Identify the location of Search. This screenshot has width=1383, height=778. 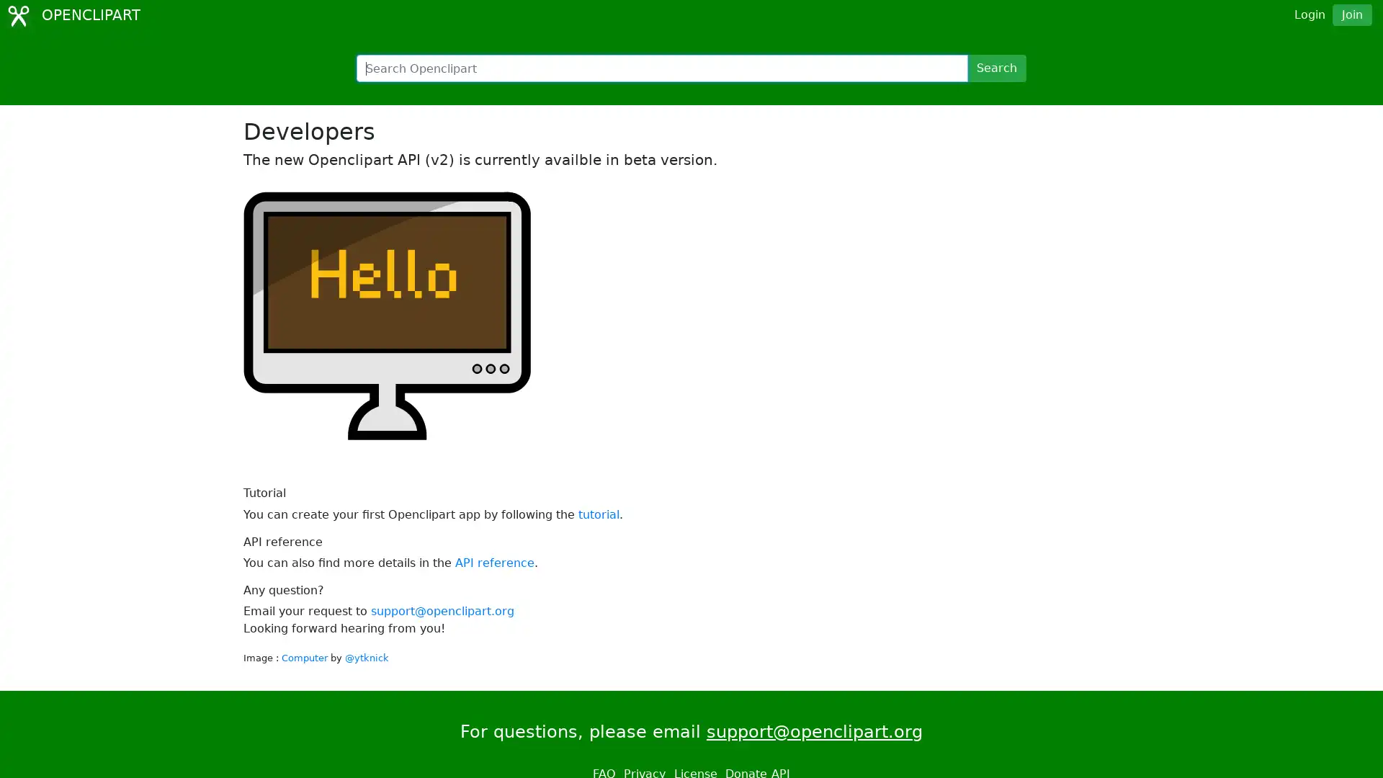
(995, 68).